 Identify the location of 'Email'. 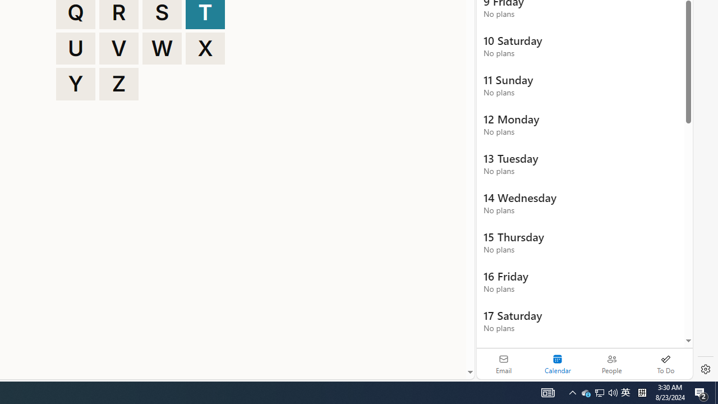
(503, 364).